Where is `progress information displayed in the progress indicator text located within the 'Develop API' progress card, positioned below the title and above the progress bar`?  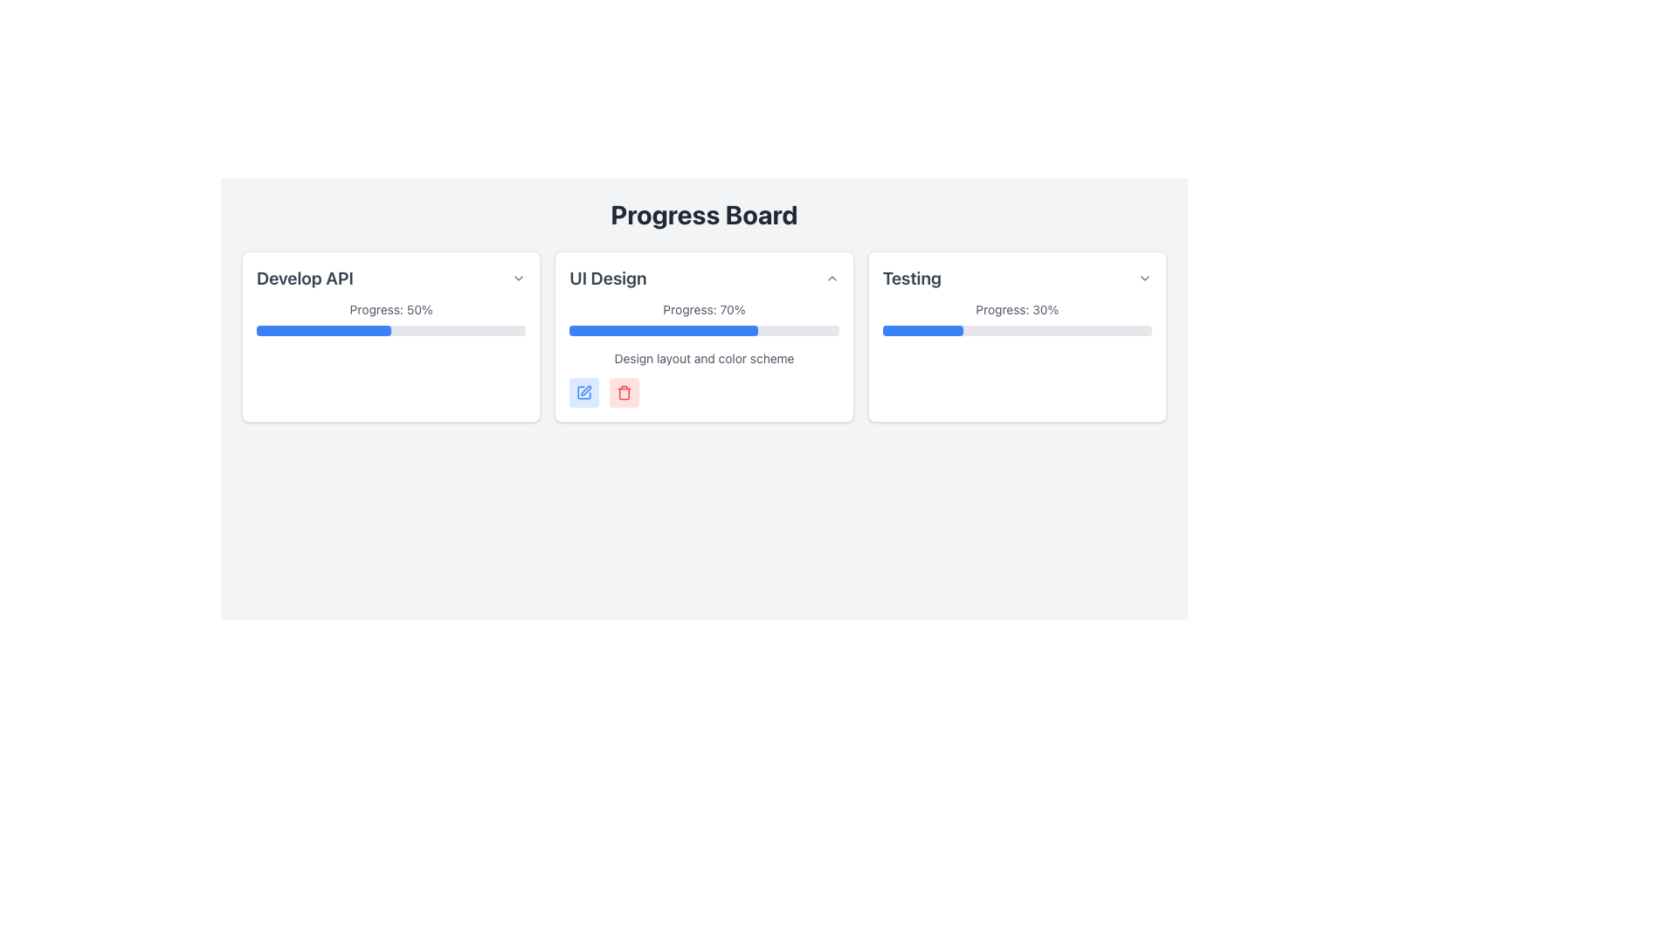 progress information displayed in the progress indicator text located within the 'Develop API' progress card, positioned below the title and above the progress bar is located at coordinates (390, 308).